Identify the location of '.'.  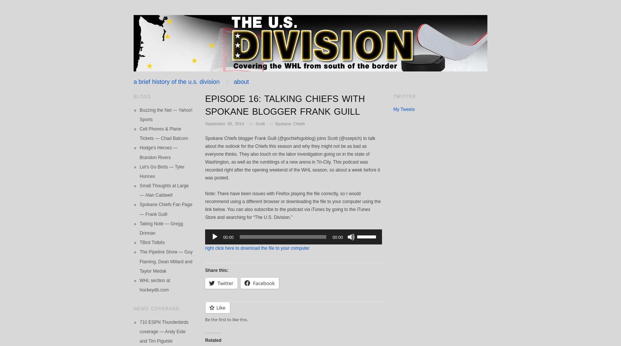
(306, 123).